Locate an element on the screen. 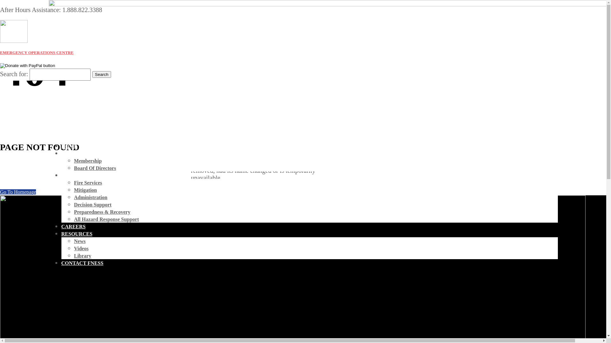  'Fire Services' is located at coordinates (87, 183).